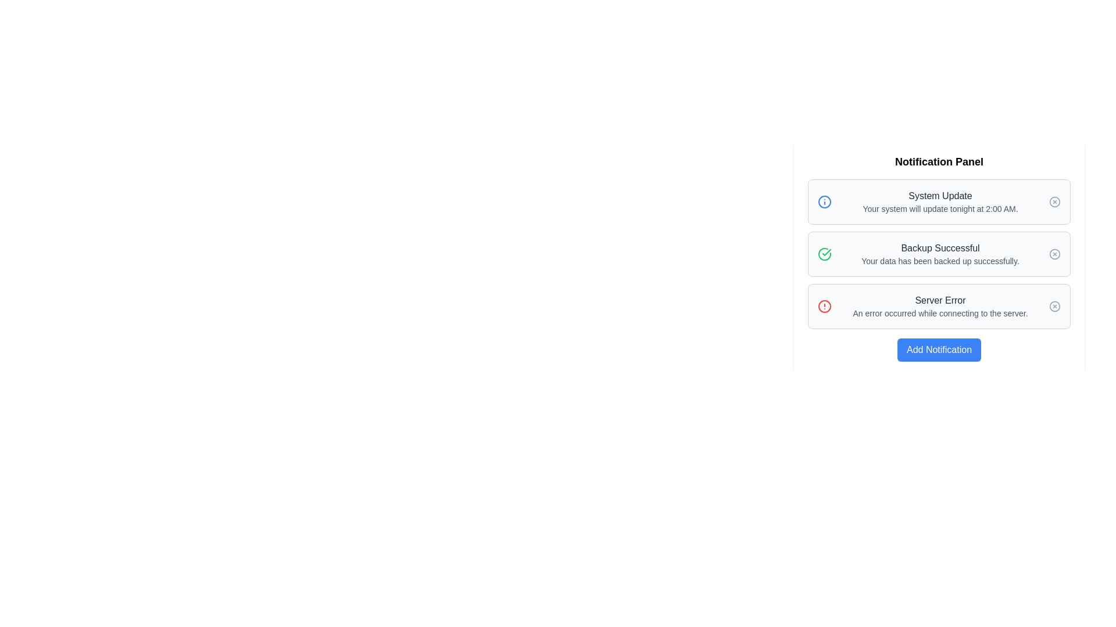  What do you see at coordinates (940, 313) in the screenshot?
I see `text from the light gray text label that says 'An error occurred while connecting to the server.' positioned beneath the 'Server Error' heading in the notification card` at bounding box center [940, 313].